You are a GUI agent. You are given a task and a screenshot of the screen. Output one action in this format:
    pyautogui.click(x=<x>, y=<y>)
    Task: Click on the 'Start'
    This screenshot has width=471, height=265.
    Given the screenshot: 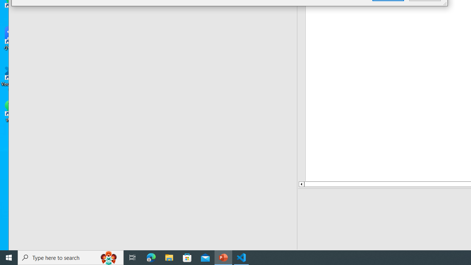 What is the action you would take?
    pyautogui.click(x=9, y=257)
    